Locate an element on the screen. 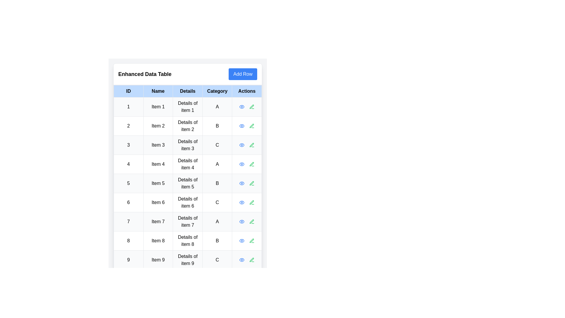  the 'Name' column header in the data table, which is the second header among five, providing a title for the corresponding column of item names is located at coordinates (158, 91).